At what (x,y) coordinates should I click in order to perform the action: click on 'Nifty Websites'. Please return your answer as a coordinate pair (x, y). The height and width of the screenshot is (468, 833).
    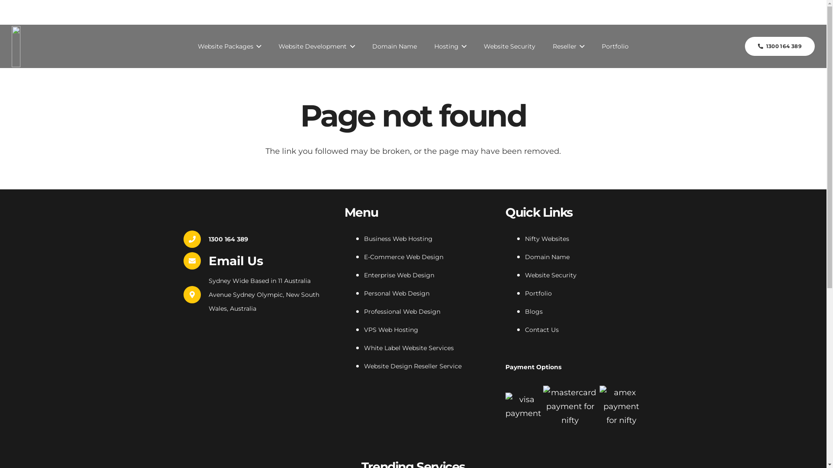
    Looking at the image, I should click on (547, 239).